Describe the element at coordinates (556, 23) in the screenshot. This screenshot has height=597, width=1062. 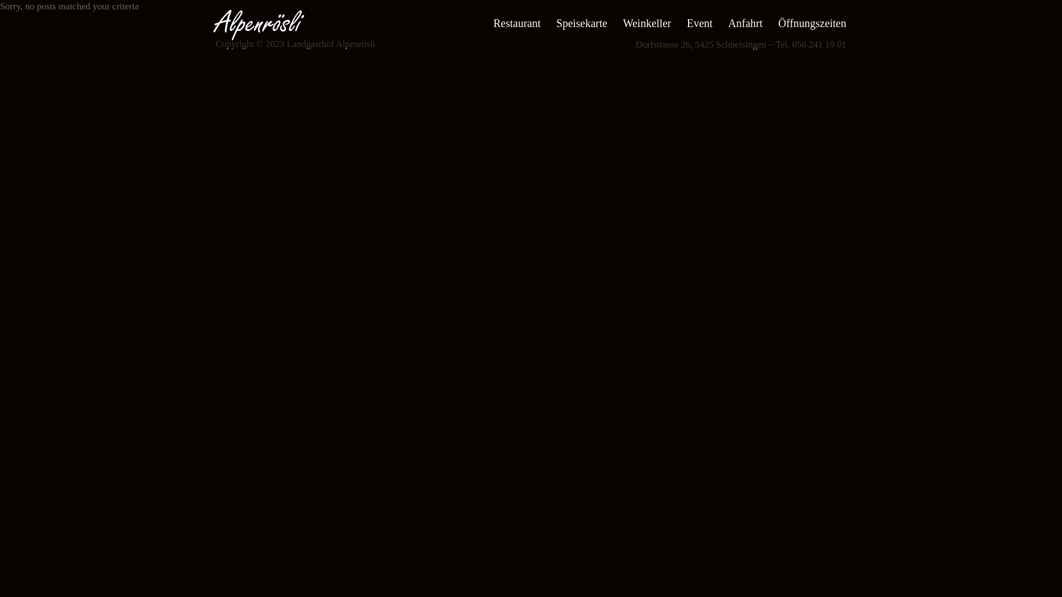
I see `'Speisekarte'` at that location.